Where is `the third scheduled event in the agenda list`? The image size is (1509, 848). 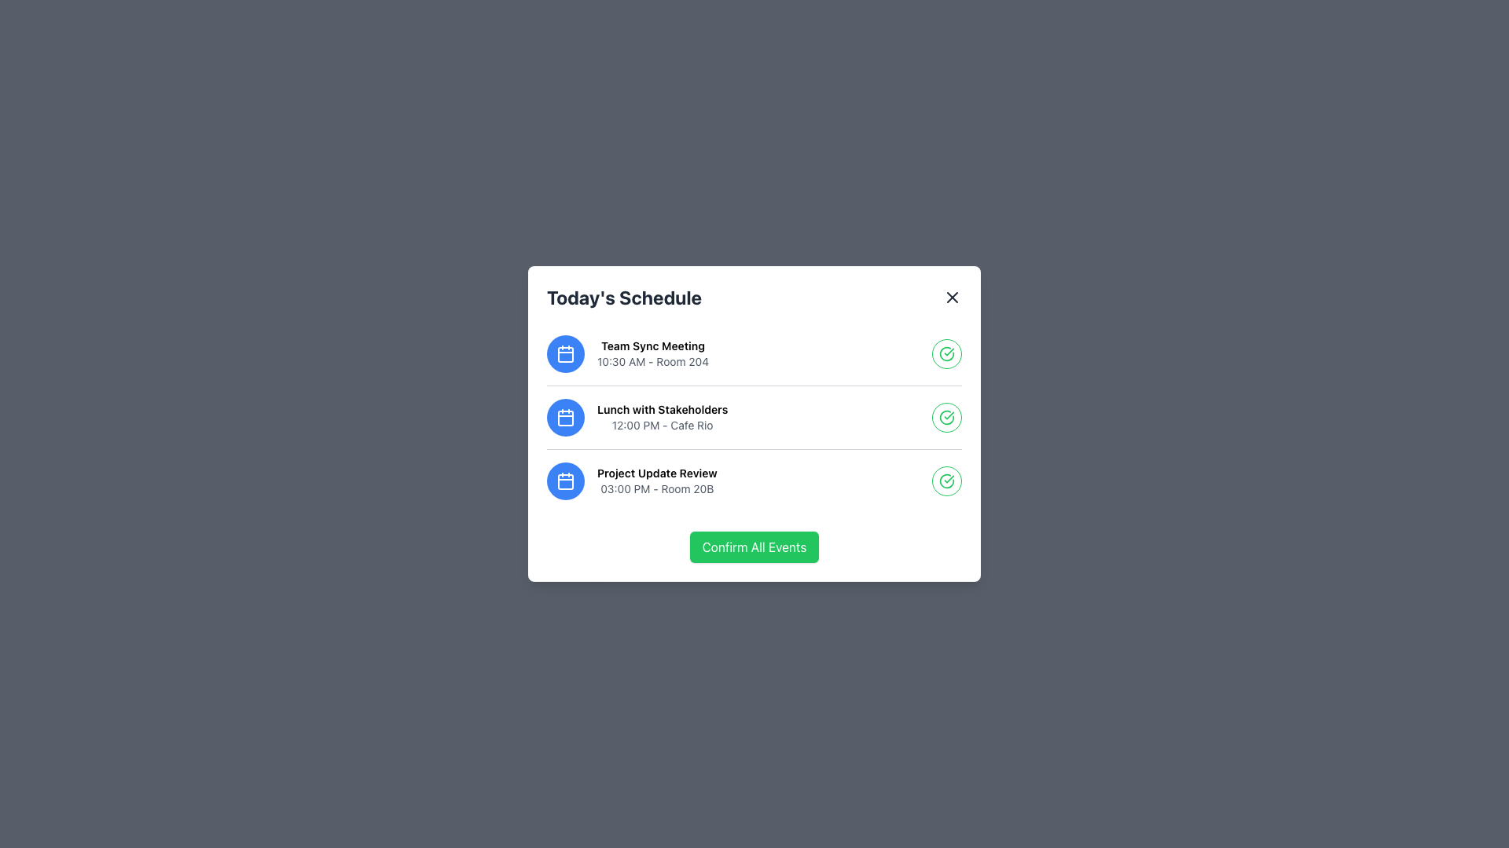 the third scheduled event in the agenda list is located at coordinates (754, 480).